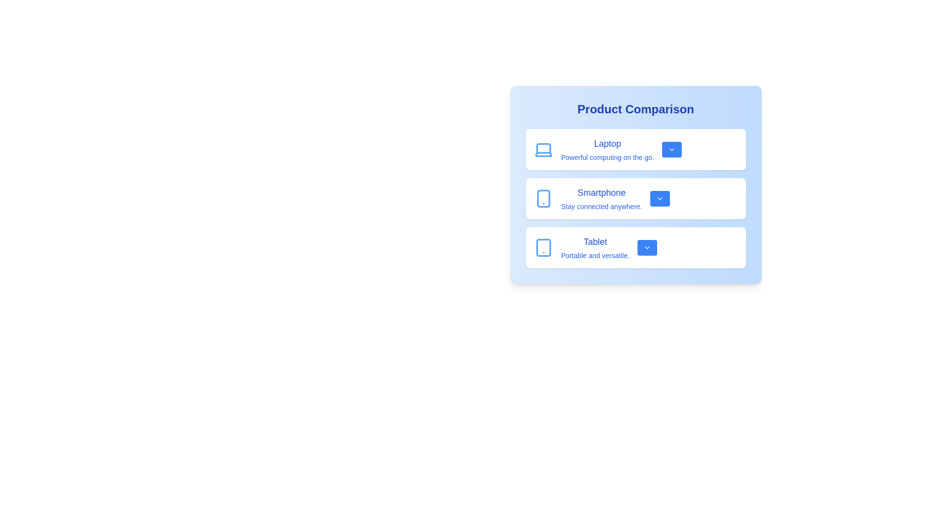 Image resolution: width=943 pixels, height=530 pixels. Describe the element at coordinates (601, 193) in the screenshot. I see `the product title Smartphone to select it` at that location.